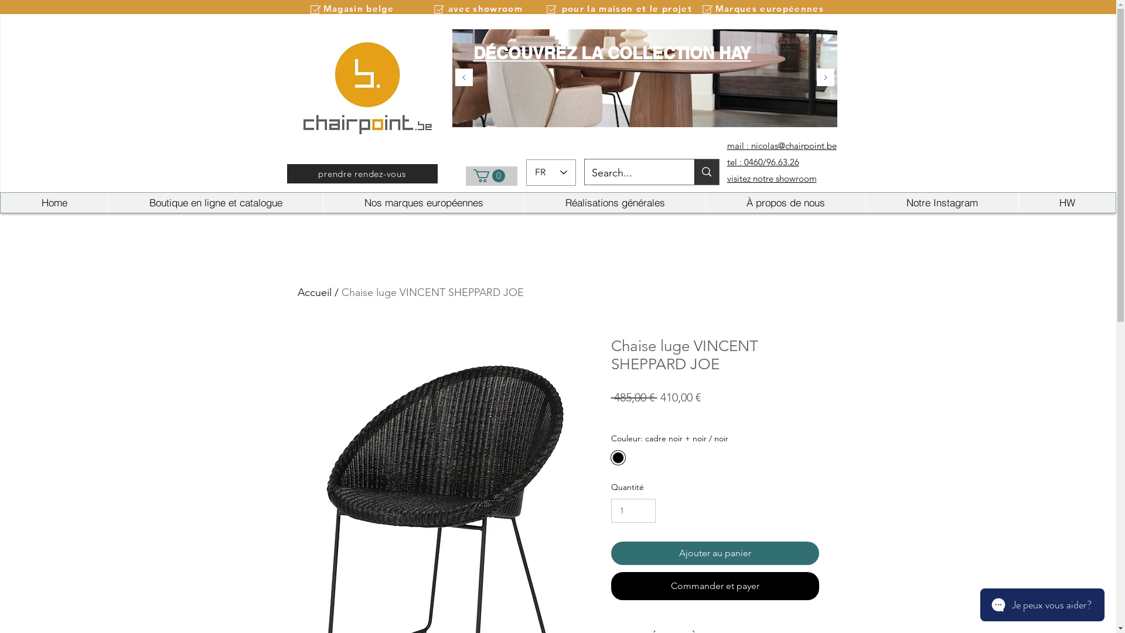 This screenshot has width=1125, height=633. Describe the element at coordinates (942, 202) in the screenshot. I see `'Notre Instagram'` at that location.